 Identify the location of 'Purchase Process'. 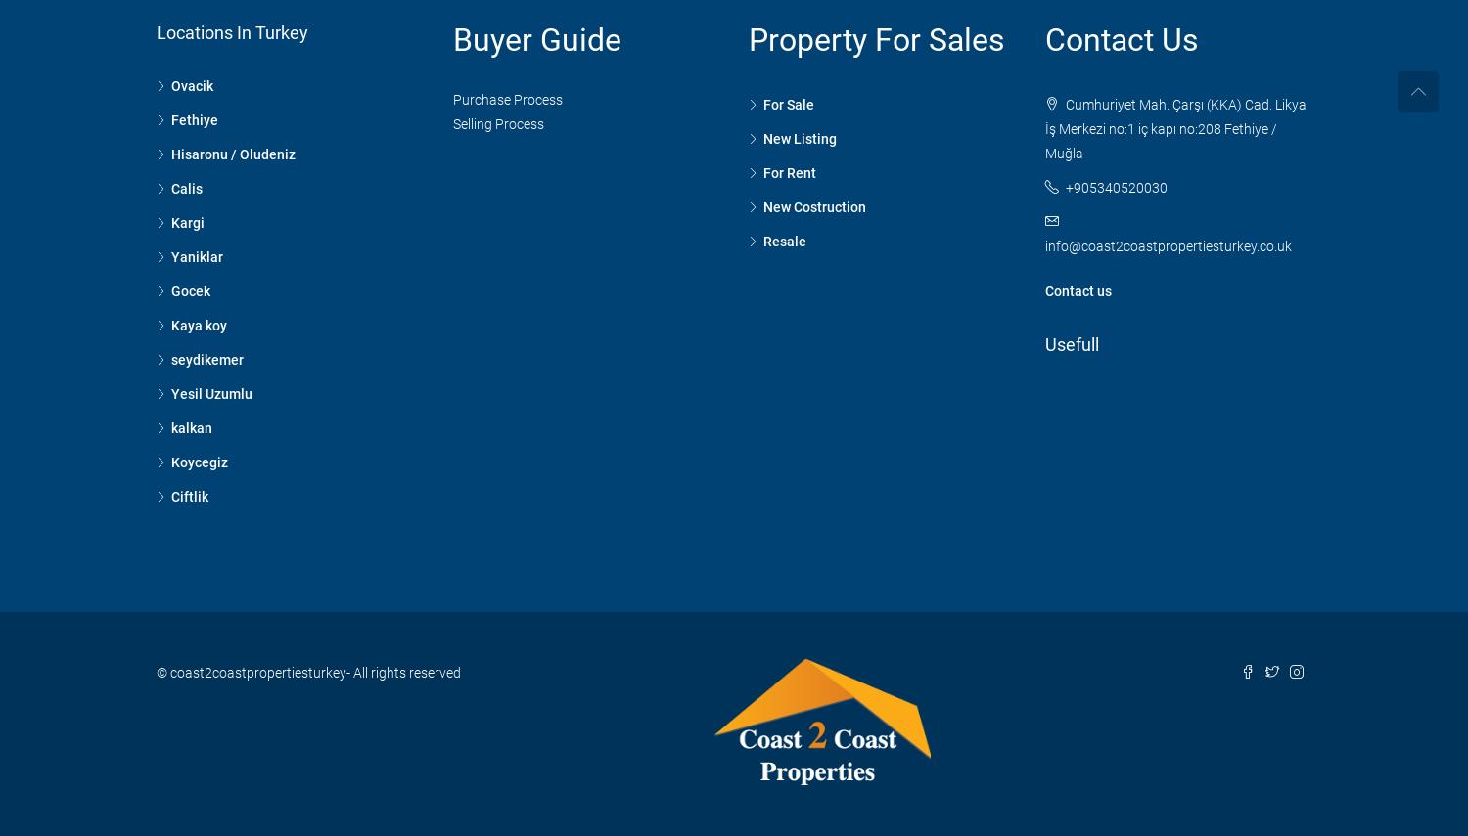
(506, 99).